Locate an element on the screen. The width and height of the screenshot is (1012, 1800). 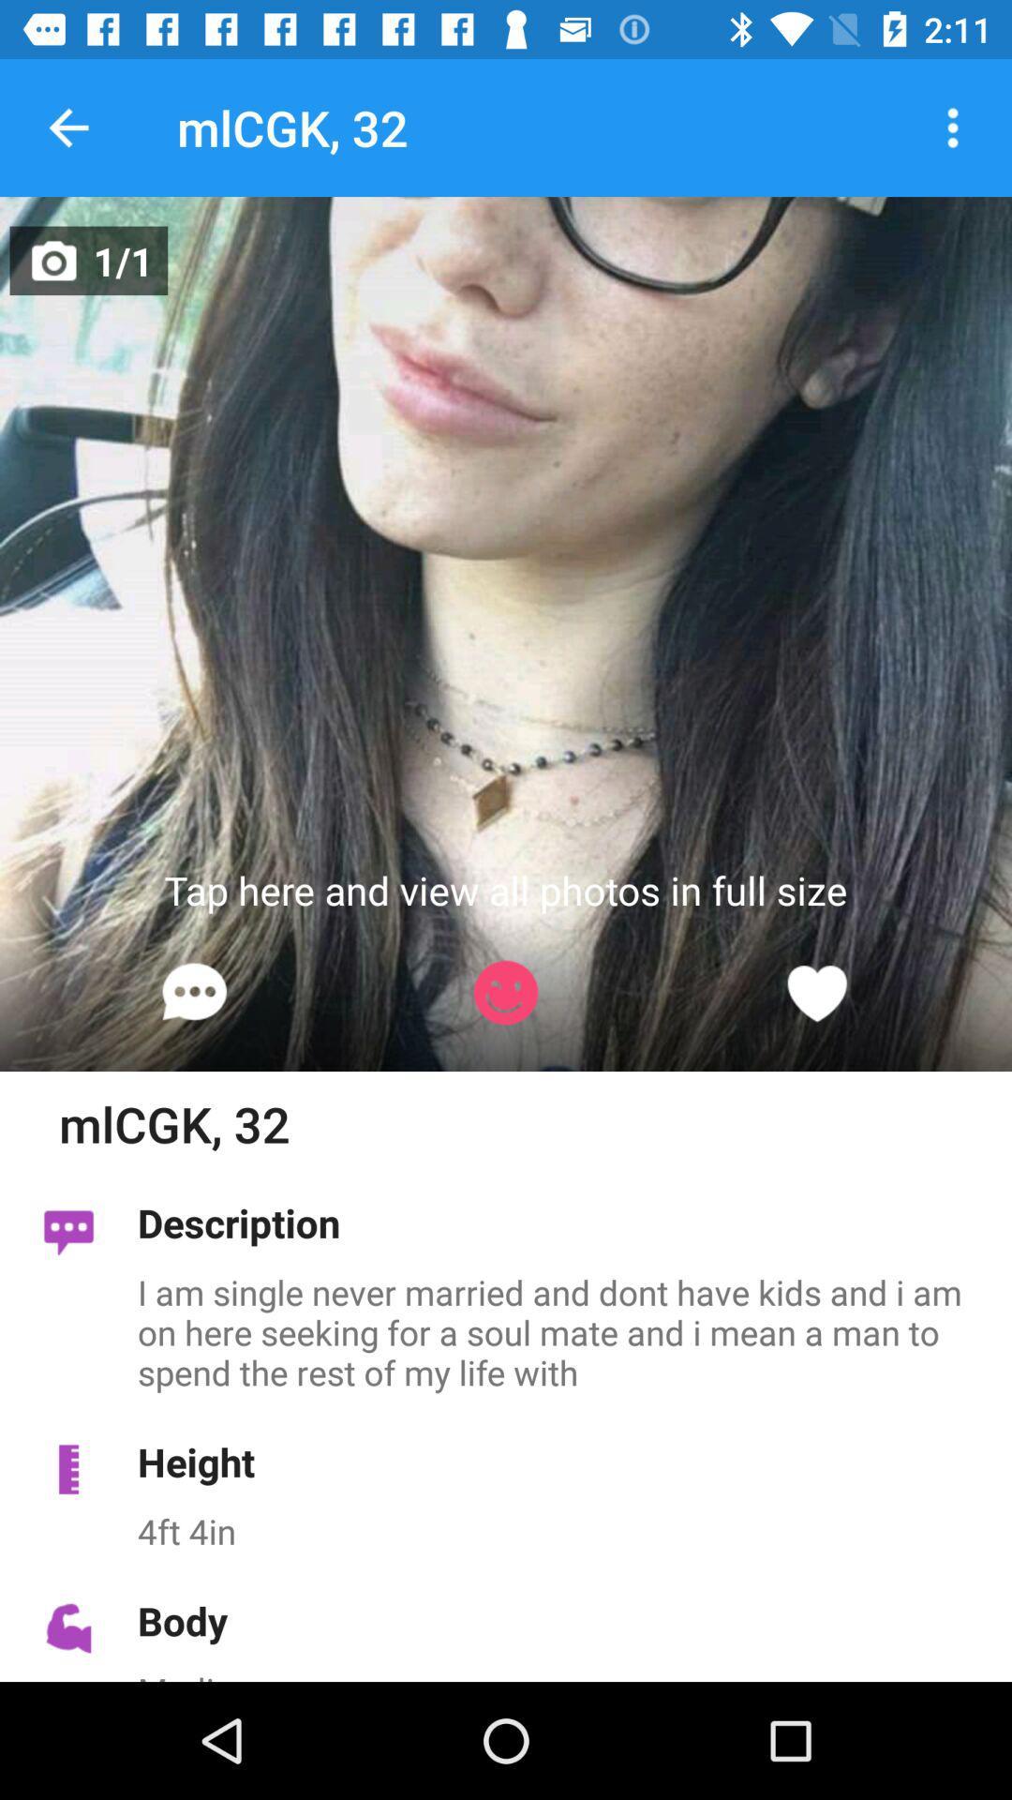
icon below height is located at coordinates (563, 1531).